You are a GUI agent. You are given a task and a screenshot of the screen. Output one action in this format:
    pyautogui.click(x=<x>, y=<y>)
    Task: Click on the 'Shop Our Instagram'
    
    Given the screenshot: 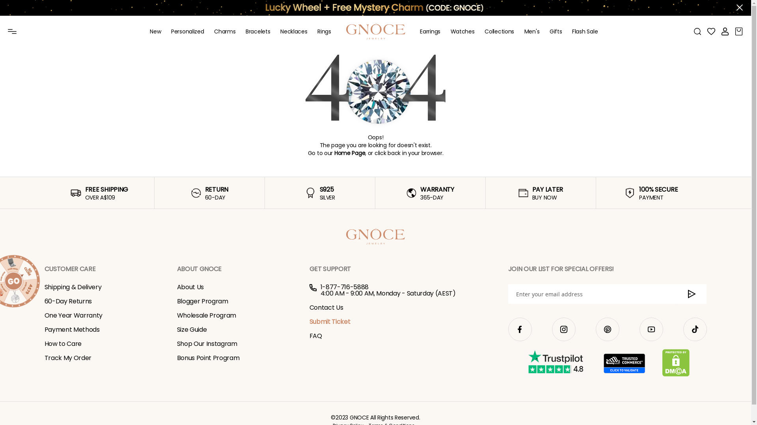 What is the action you would take?
    pyautogui.click(x=176, y=343)
    